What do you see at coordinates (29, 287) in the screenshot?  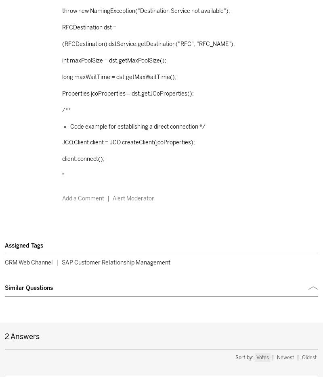 I see `'Similar Questions'` at bounding box center [29, 287].